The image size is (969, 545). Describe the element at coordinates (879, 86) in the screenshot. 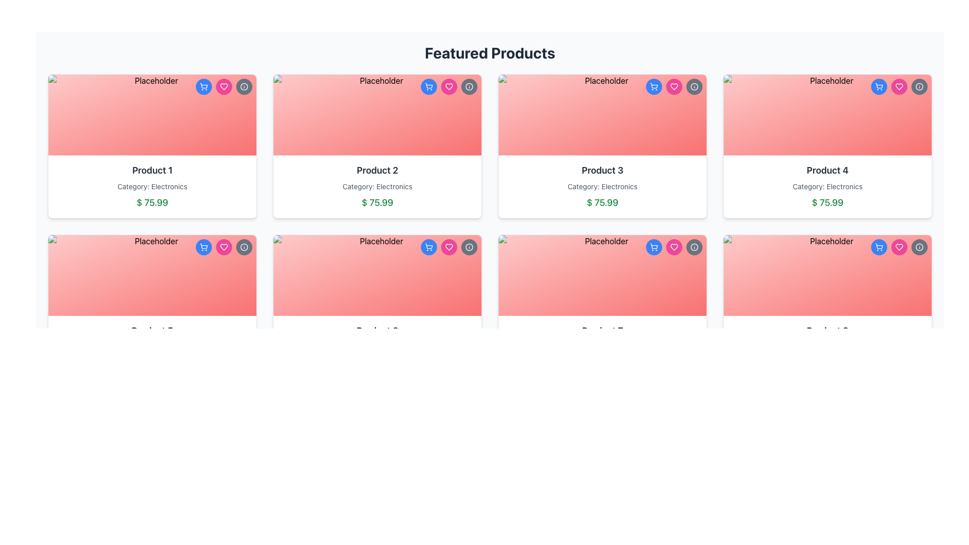

I see `the shopping cart icon button with a blue background located at the top-right of the card for 'Product 4'` at that location.